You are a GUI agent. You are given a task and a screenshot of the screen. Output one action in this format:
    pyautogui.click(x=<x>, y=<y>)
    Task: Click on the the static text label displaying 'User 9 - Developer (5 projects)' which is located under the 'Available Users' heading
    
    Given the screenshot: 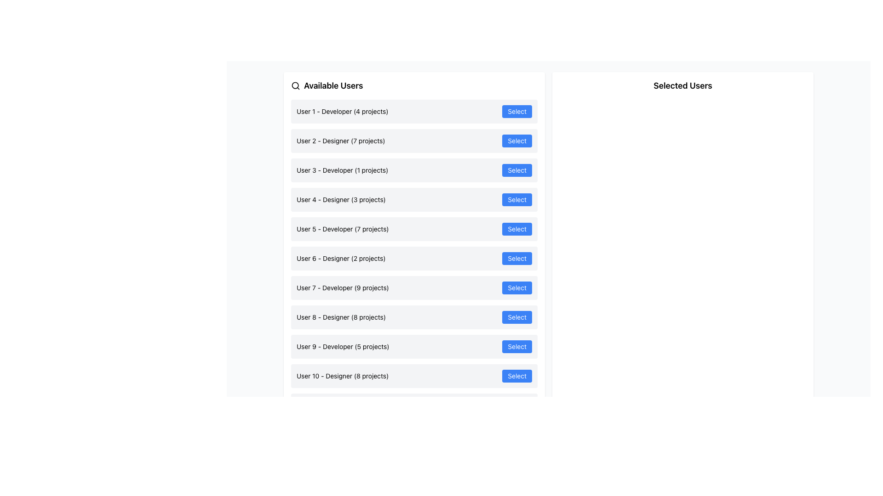 What is the action you would take?
    pyautogui.click(x=342, y=347)
    